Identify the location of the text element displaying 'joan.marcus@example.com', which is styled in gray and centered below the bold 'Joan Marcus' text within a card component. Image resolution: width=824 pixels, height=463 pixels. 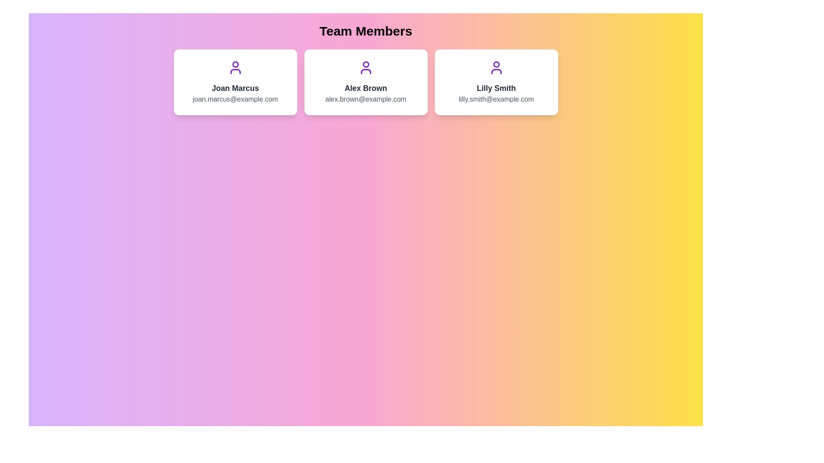
(235, 99).